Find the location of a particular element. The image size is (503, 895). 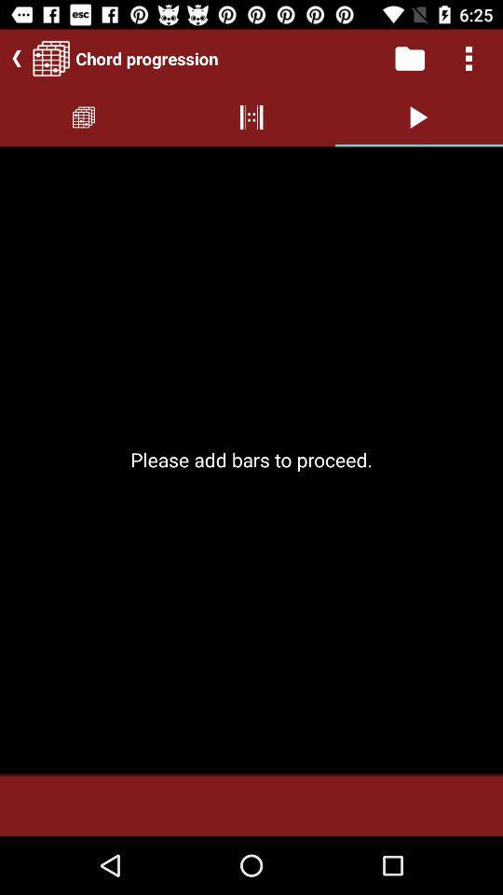

the date_range icon is located at coordinates (51, 58).